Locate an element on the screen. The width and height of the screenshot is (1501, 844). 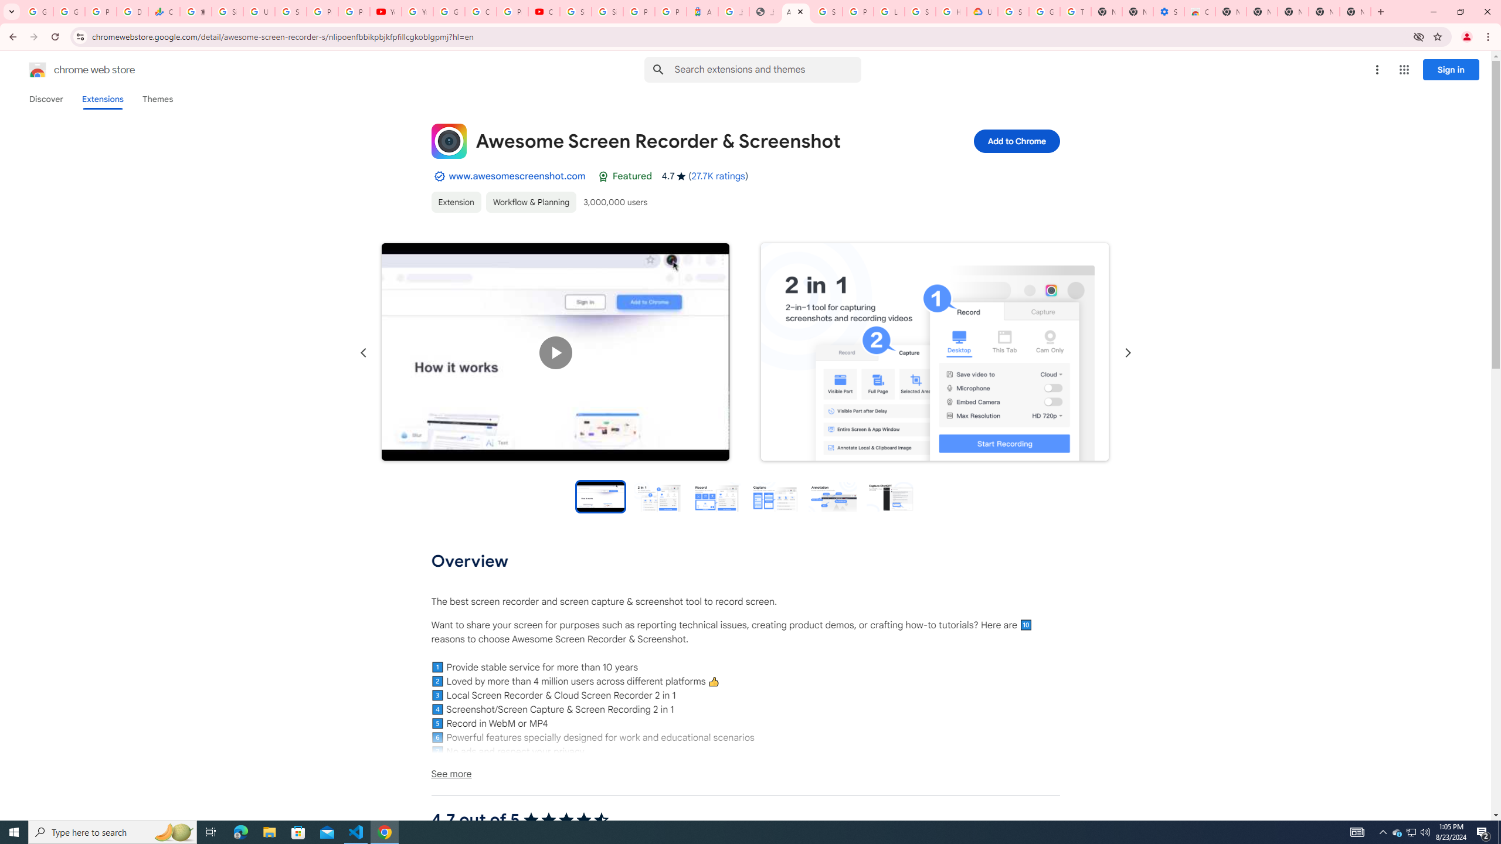
'Sign in - Google Accounts' is located at coordinates (607, 11).